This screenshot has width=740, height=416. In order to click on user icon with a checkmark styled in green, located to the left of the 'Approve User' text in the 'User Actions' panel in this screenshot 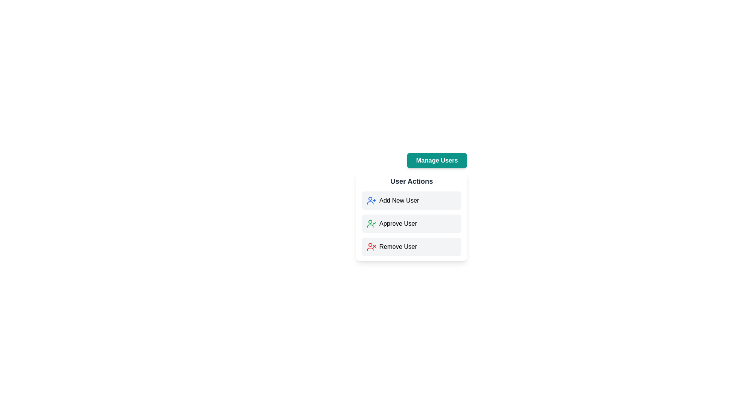, I will do `click(372, 224)`.